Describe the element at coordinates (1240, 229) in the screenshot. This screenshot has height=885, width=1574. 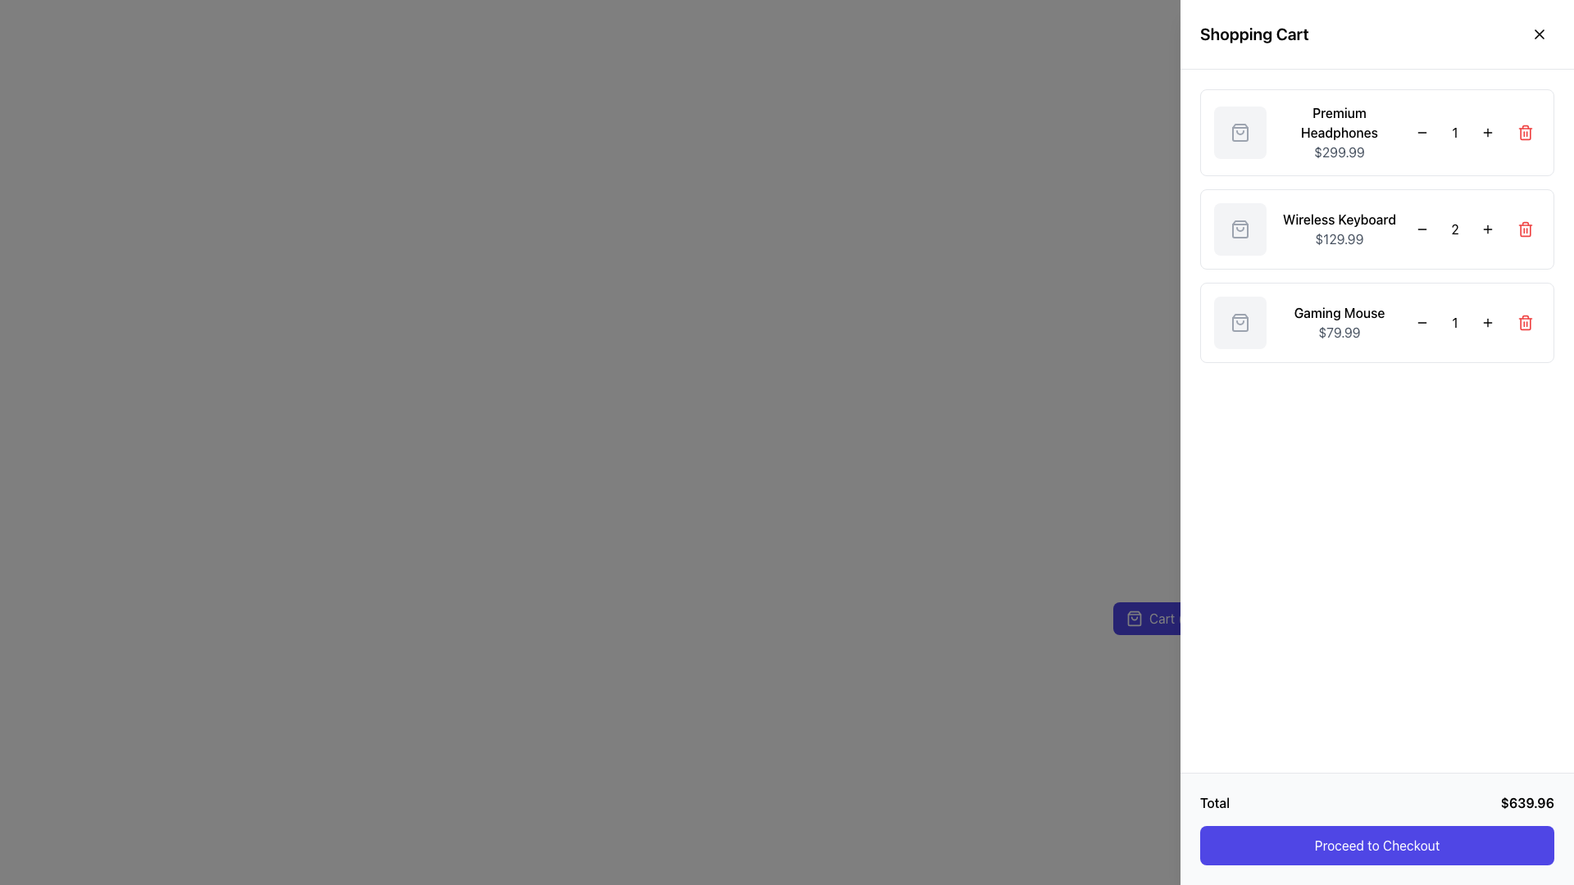
I see `the shopping bag icon representing the 'Wireless Keyboard' in the shopping cart, positioned between the item's title and quantity controls` at that location.